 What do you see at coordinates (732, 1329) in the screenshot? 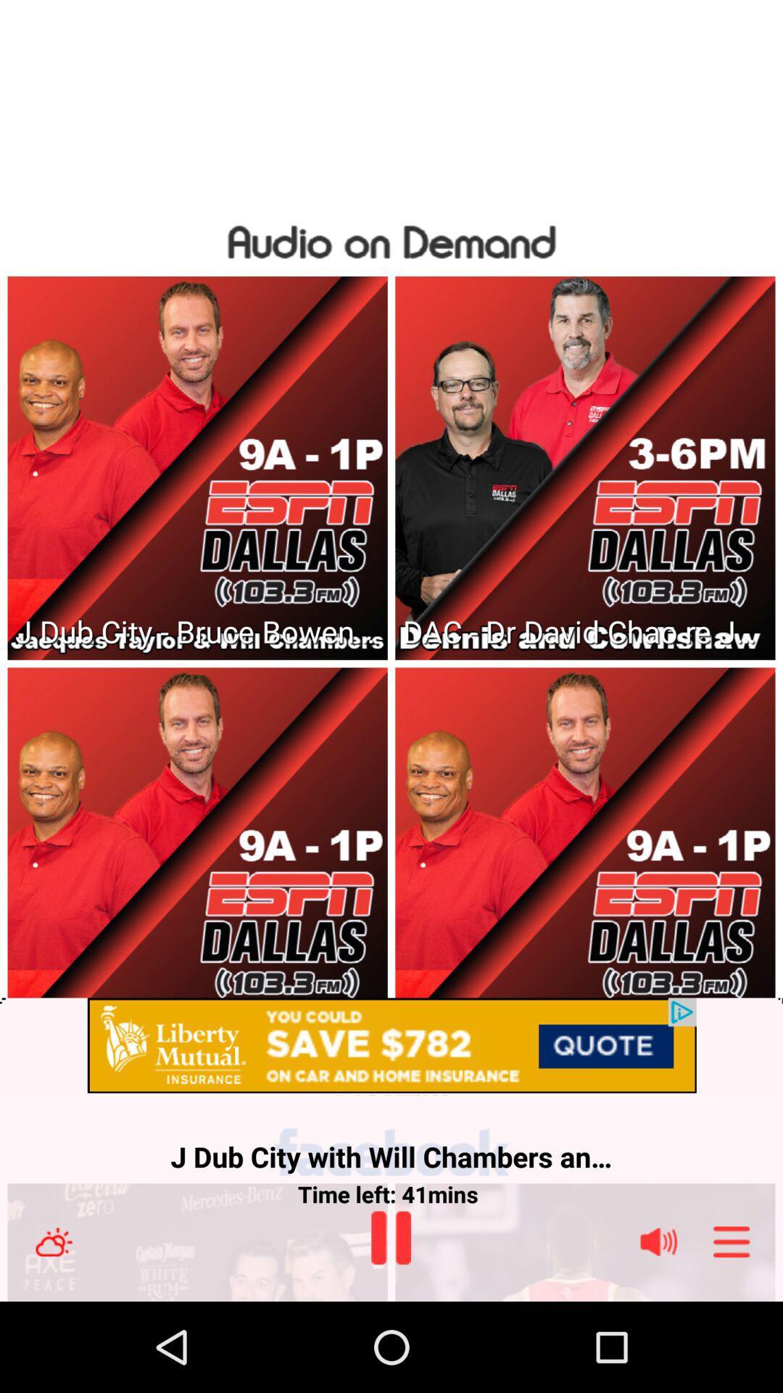
I see `the menu icon` at bounding box center [732, 1329].